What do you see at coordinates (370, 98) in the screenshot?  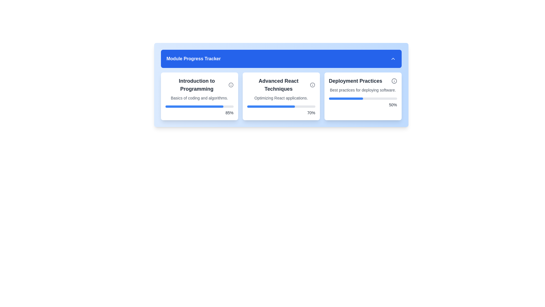 I see `the progress level` at bounding box center [370, 98].